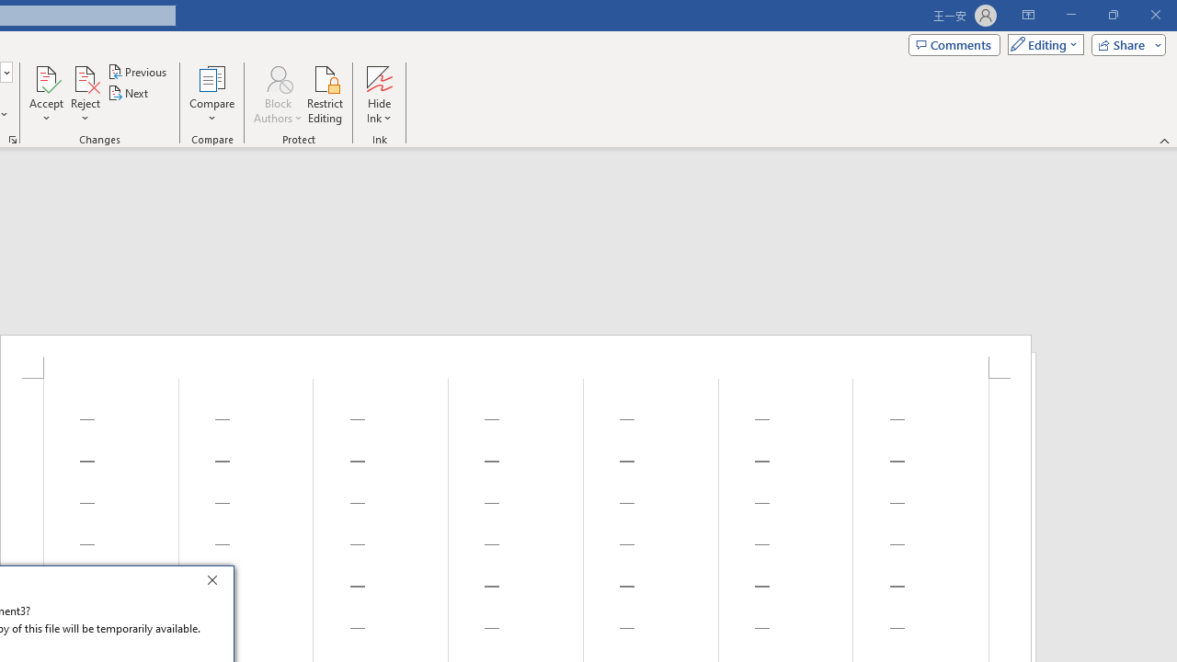 The height and width of the screenshot is (662, 1177). I want to click on 'Previous', so click(138, 71).